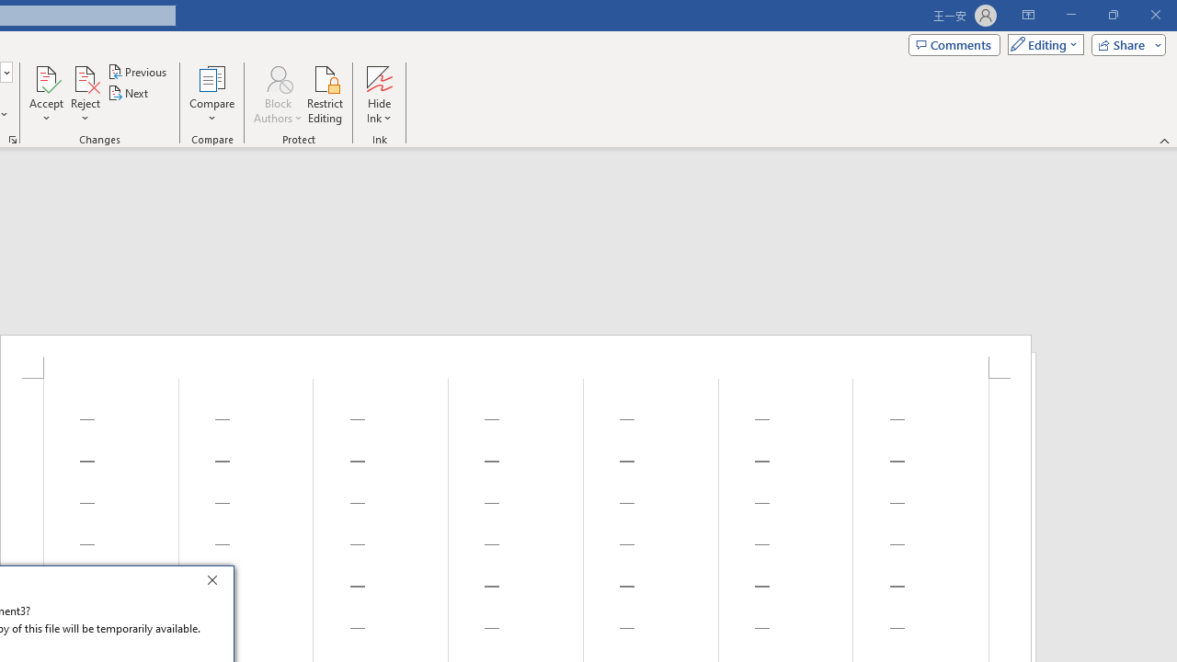 The height and width of the screenshot is (662, 1177). I want to click on 'Previous', so click(138, 71).